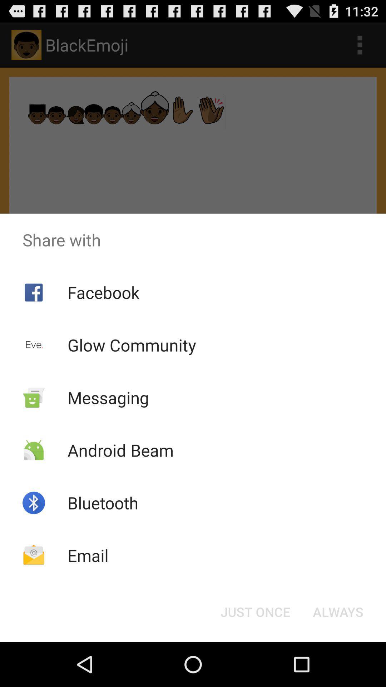  Describe the element at coordinates (338, 611) in the screenshot. I see `item below share with item` at that location.